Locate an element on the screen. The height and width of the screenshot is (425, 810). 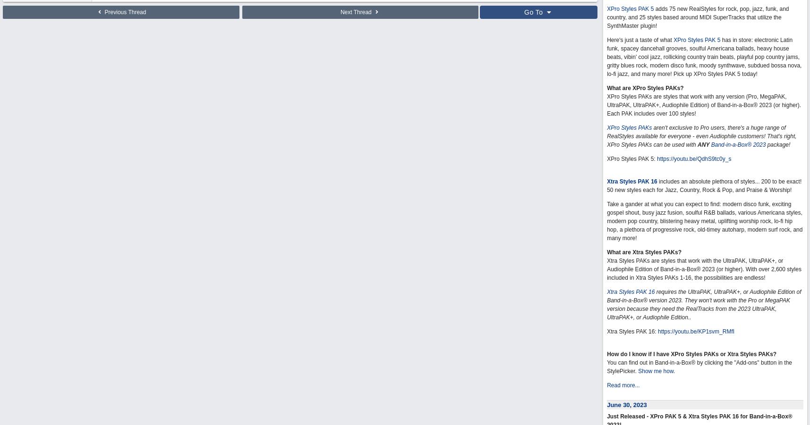
'Previous Thread' is located at coordinates (124, 12).